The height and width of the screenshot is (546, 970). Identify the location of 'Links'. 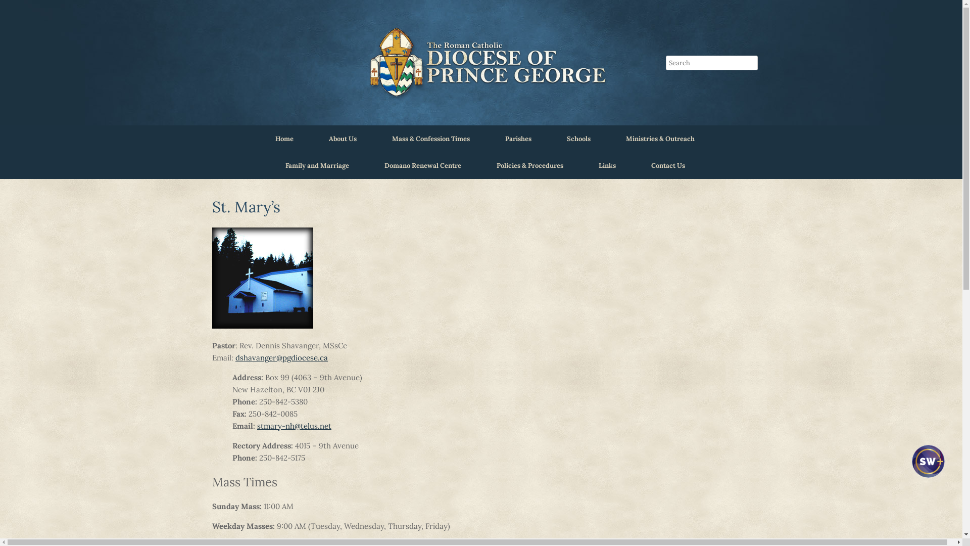
(606, 165).